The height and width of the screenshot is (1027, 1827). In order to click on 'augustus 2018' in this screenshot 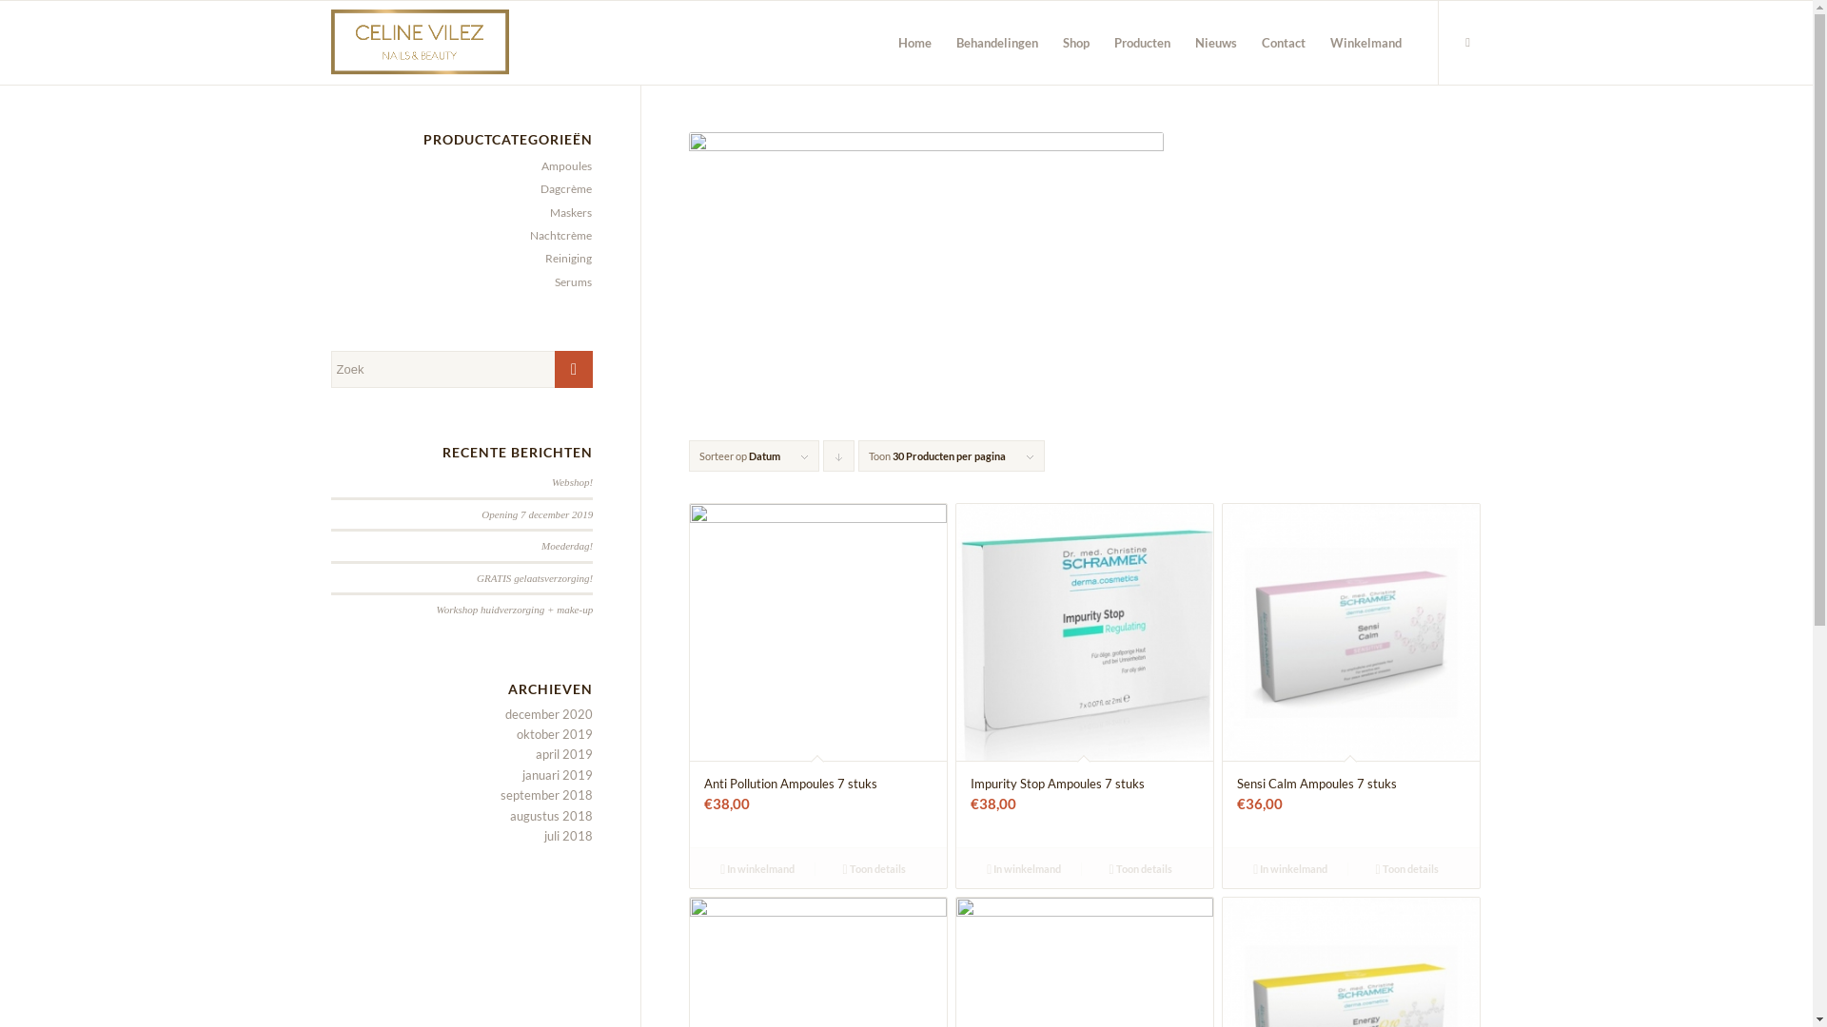, I will do `click(510, 814)`.